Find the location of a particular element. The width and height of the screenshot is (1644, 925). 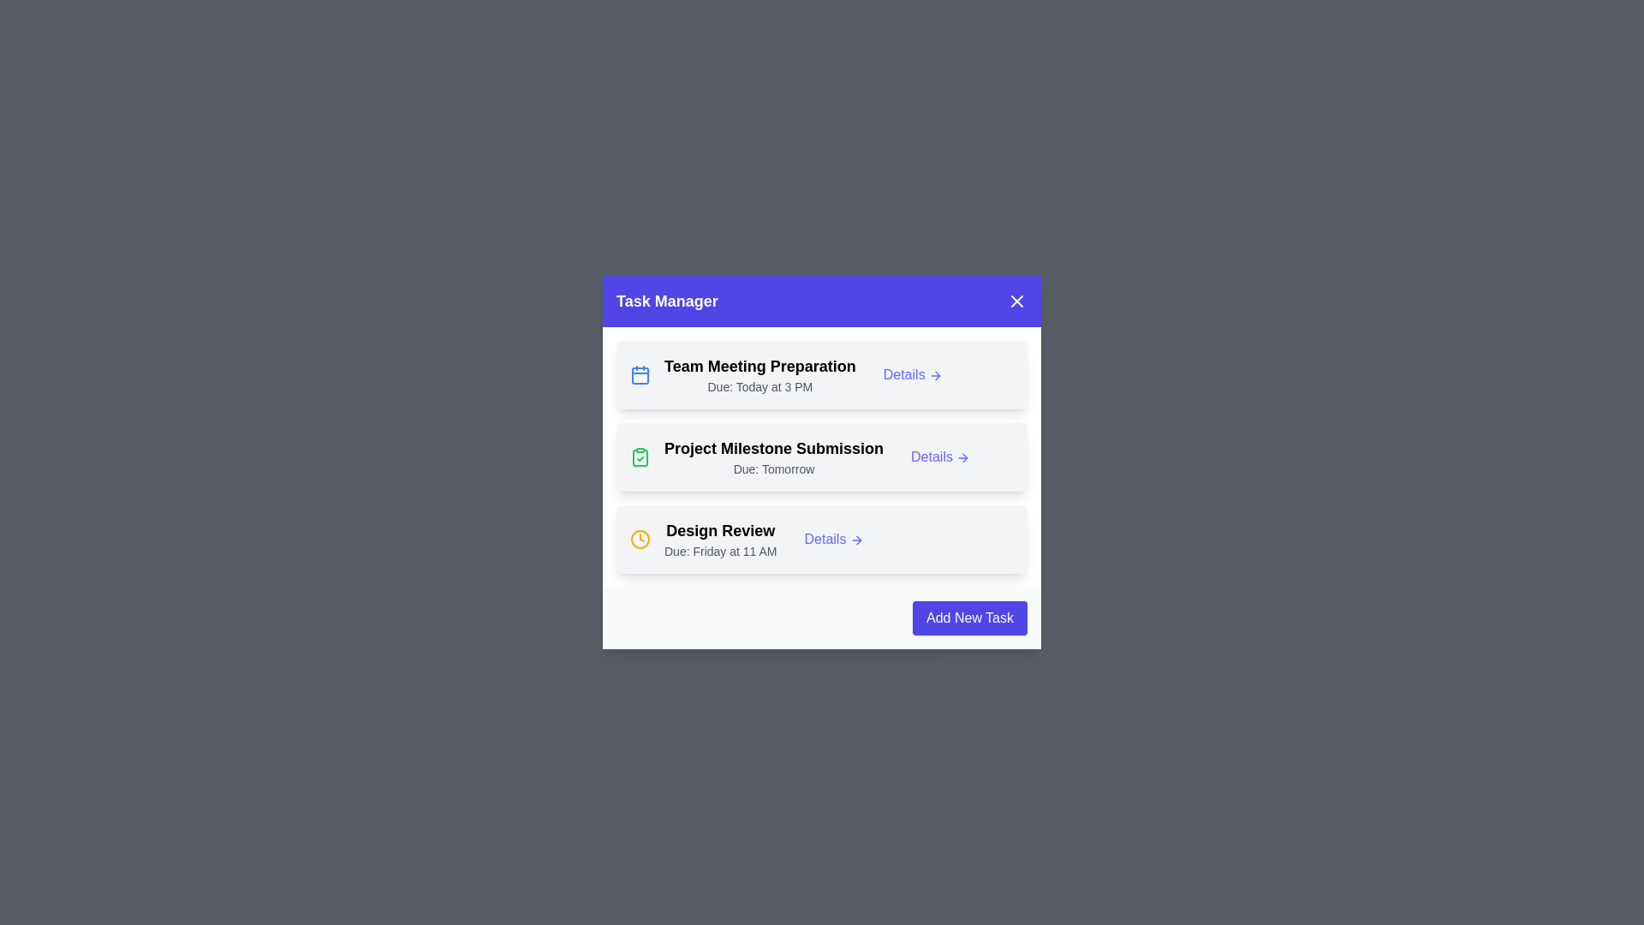

the clock icon located next to the 'Design Review' text in the middle section of the interface is located at coordinates (640, 538).